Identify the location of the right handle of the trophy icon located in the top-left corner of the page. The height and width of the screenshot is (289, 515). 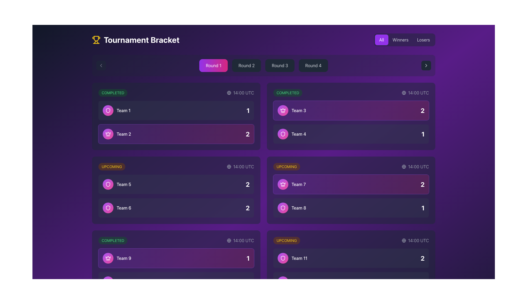
(97, 42).